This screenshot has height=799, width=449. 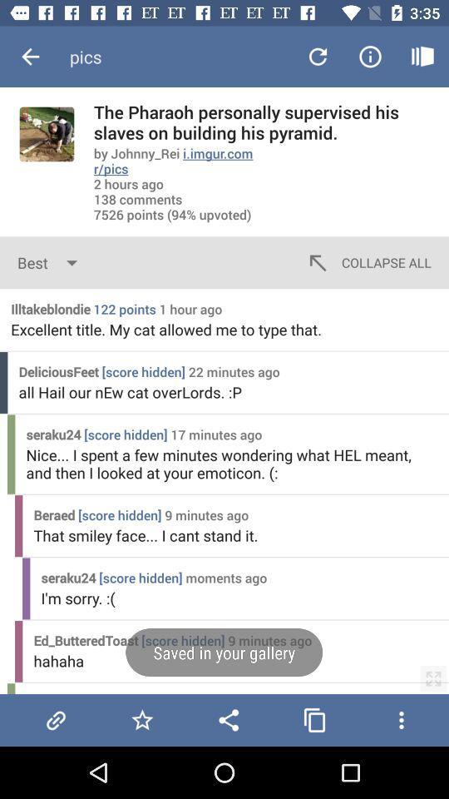 I want to click on the image, so click(x=142, y=719).